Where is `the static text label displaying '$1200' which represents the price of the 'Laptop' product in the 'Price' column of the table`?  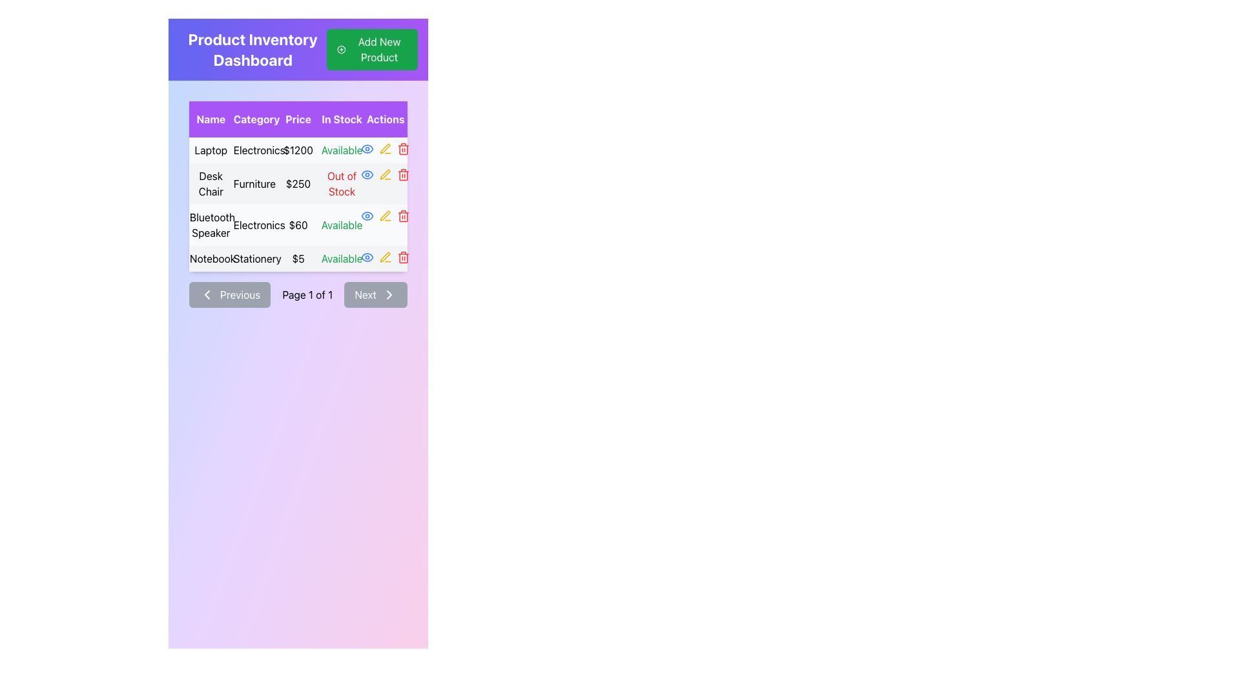 the static text label displaying '$1200' which represents the price of the 'Laptop' product in the 'Price' column of the table is located at coordinates (297, 149).